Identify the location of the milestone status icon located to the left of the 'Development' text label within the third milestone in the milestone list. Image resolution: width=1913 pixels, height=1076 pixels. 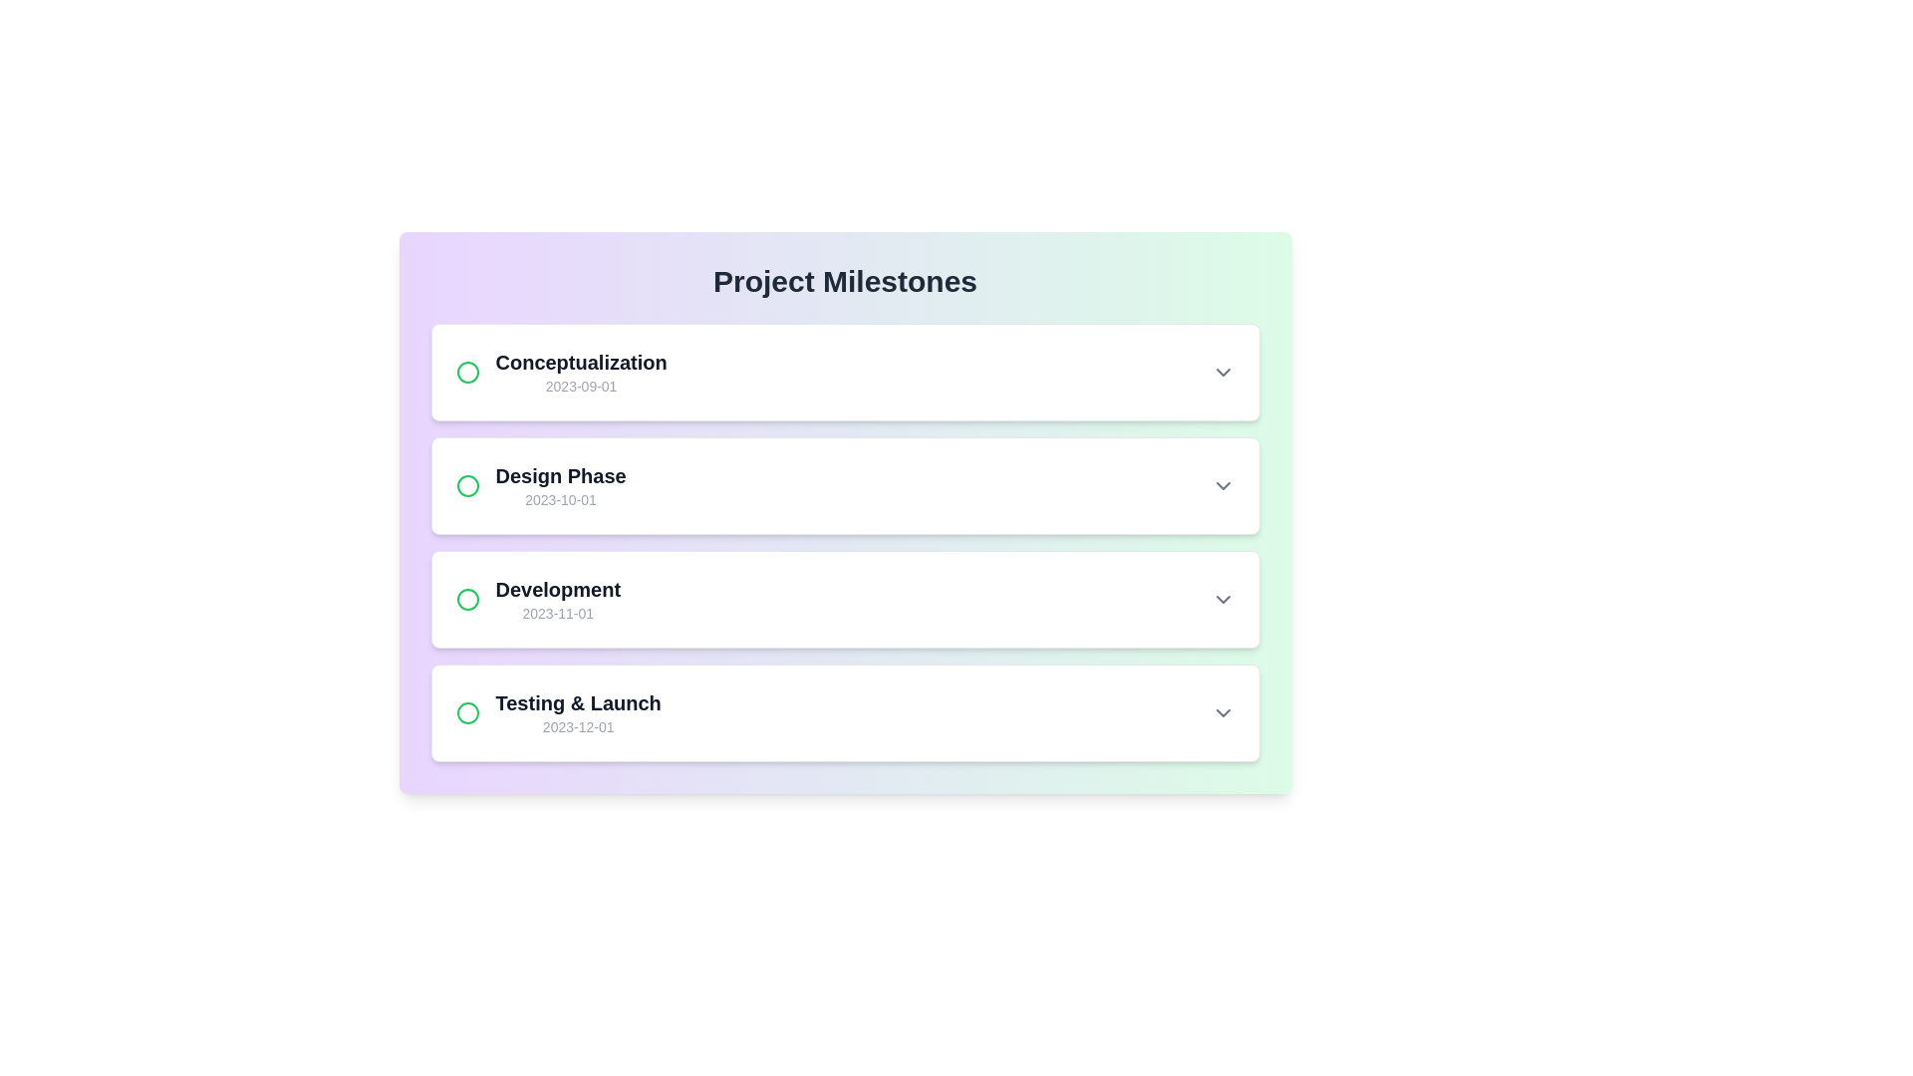
(466, 598).